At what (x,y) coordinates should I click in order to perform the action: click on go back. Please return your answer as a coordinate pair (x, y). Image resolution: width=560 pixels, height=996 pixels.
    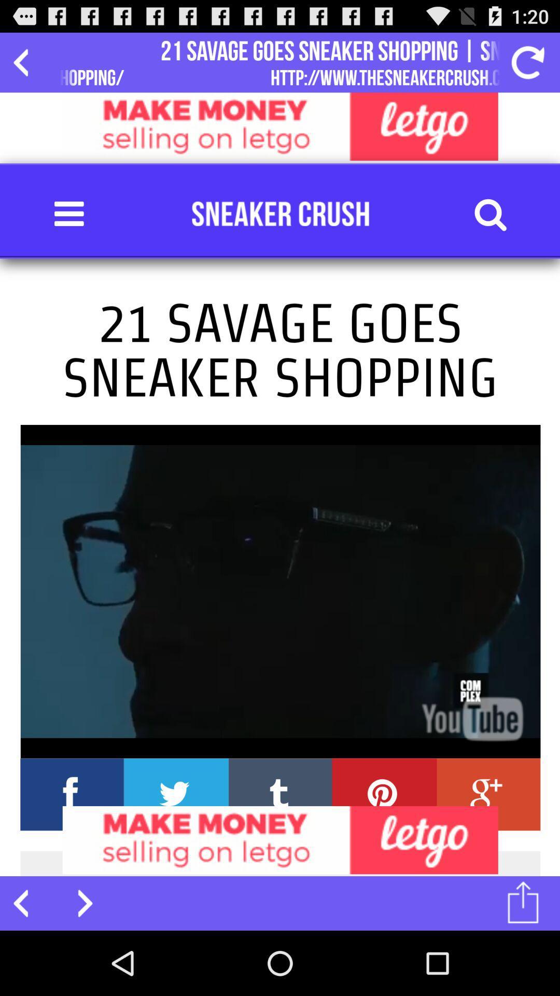
    Looking at the image, I should click on (26, 62).